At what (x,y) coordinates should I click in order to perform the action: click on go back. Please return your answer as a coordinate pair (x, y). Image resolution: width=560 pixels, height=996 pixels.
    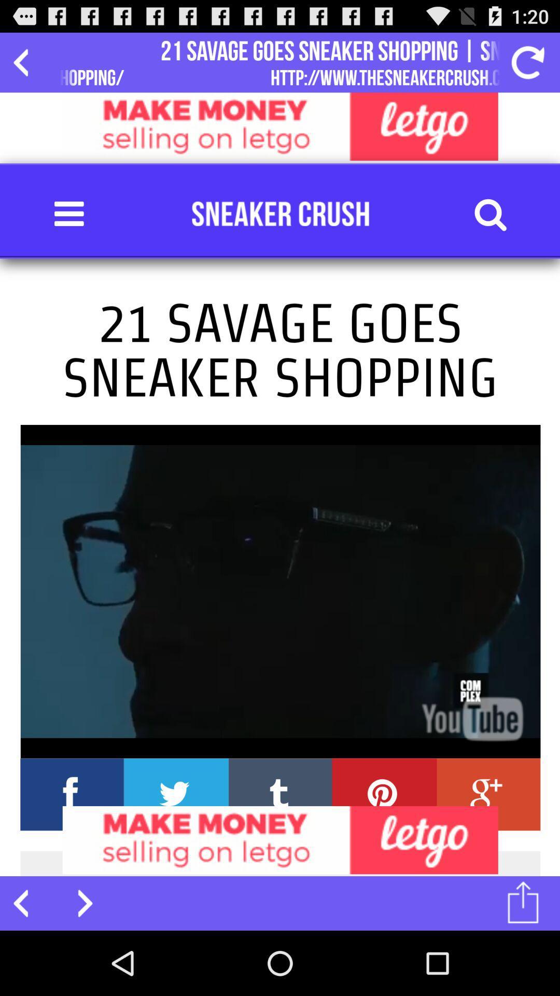
    Looking at the image, I should click on (26, 62).